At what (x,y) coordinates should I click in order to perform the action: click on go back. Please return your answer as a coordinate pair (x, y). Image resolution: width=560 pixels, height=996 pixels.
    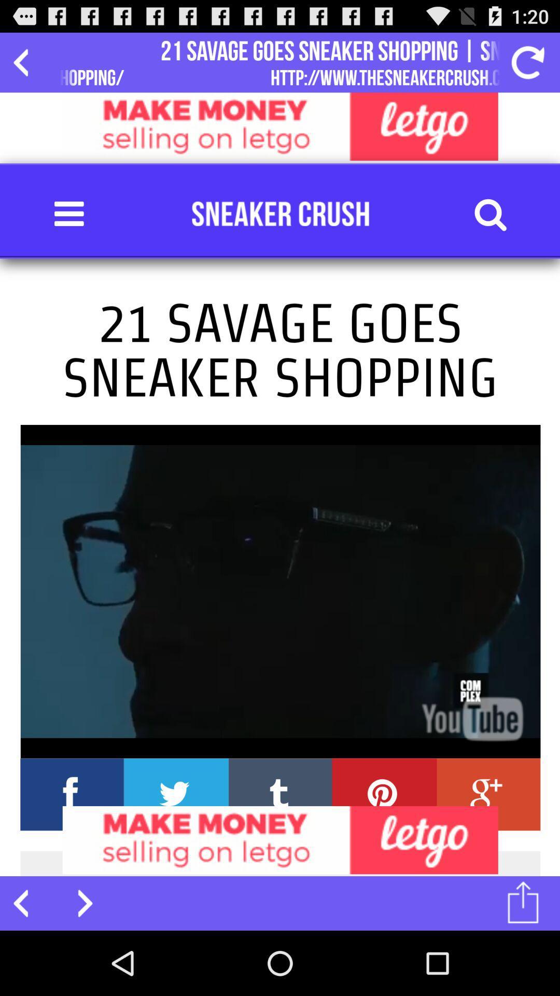
    Looking at the image, I should click on (26, 62).